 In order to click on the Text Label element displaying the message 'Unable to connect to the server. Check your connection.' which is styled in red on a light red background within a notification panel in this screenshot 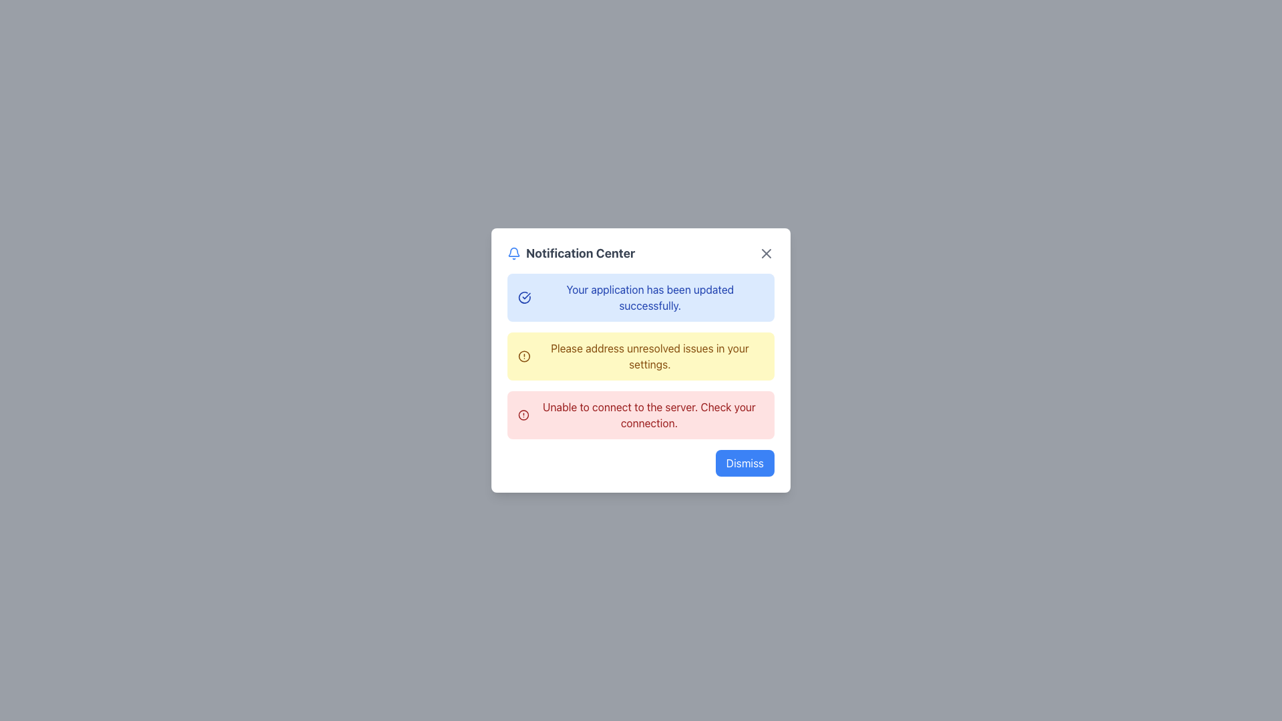, I will do `click(649, 414)`.